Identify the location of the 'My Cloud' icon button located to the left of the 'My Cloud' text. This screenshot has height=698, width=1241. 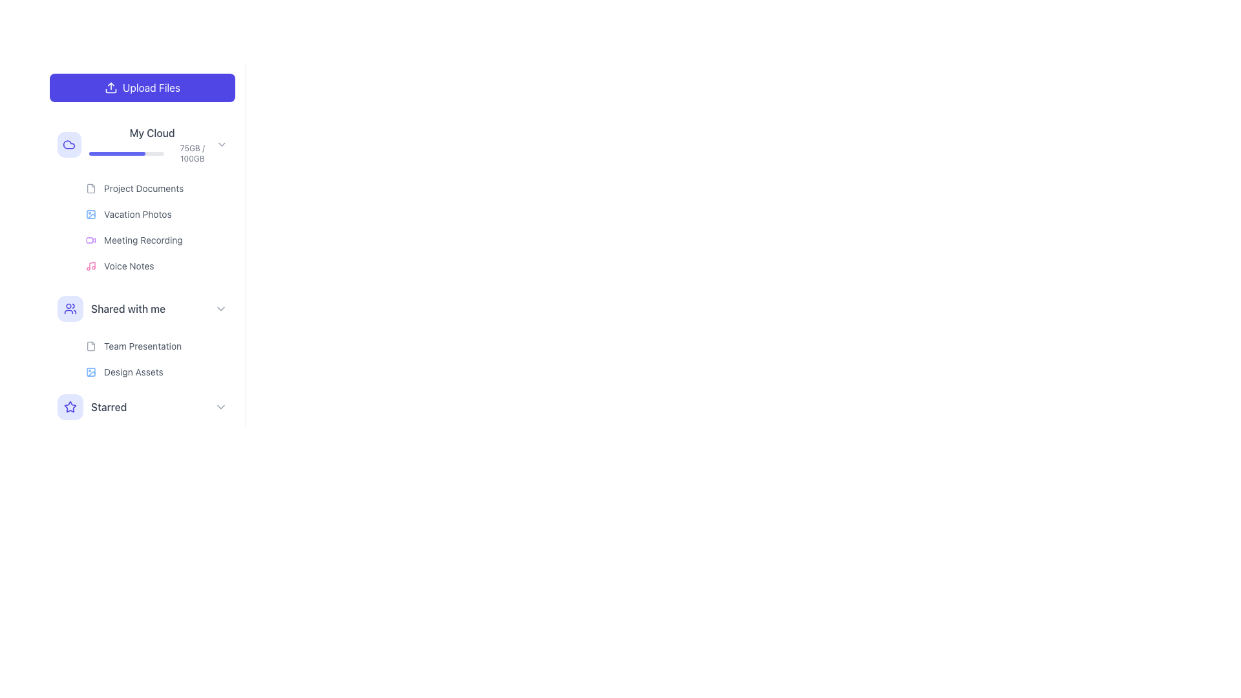
(68, 144).